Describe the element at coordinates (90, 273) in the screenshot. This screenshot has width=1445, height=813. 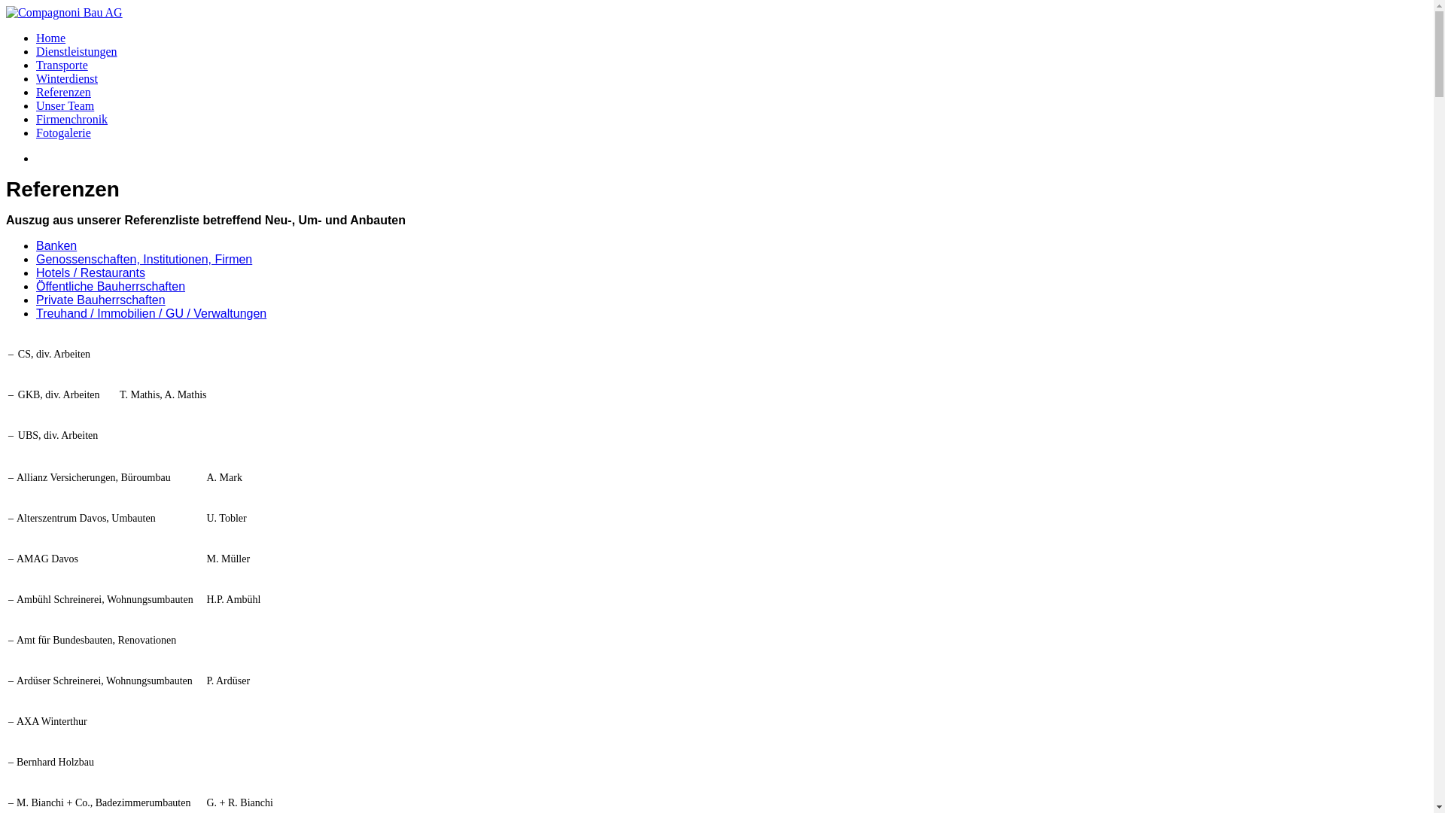
I see `'Hotels / Restaurants'` at that location.